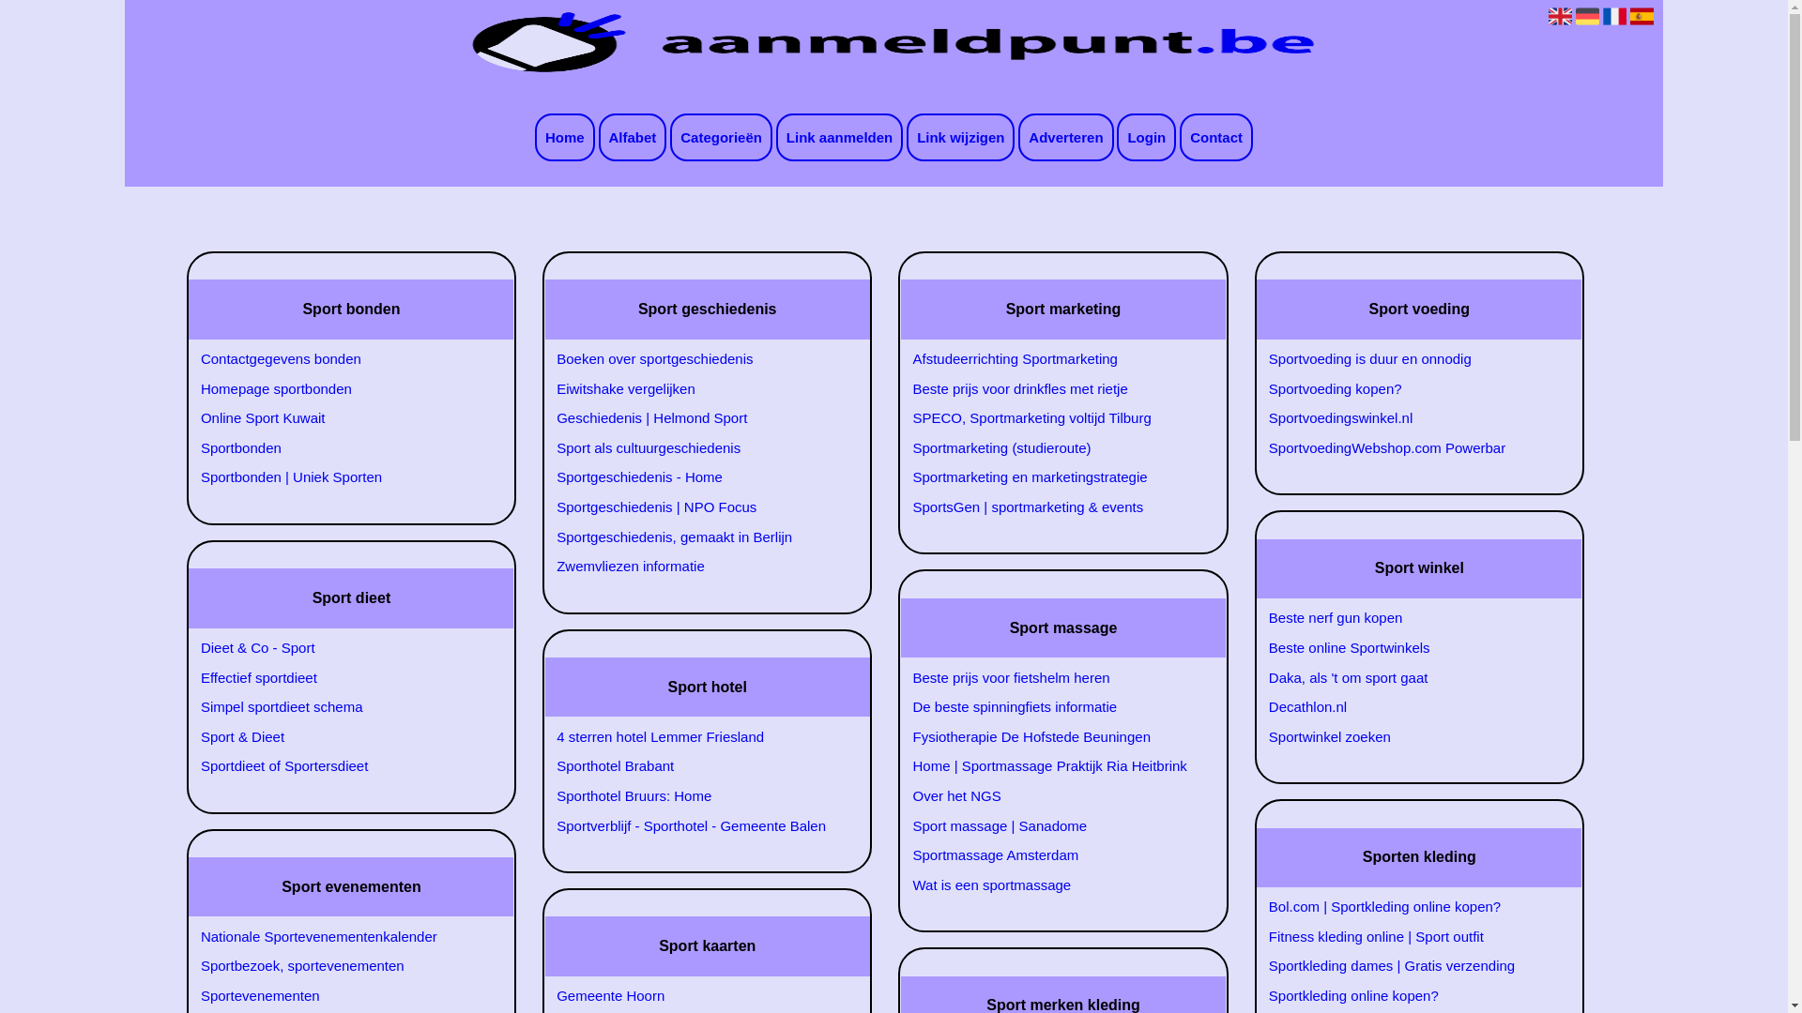  I want to click on 'Sportgeschiedenis, gemaakt in Berlijn', so click(545, 537).